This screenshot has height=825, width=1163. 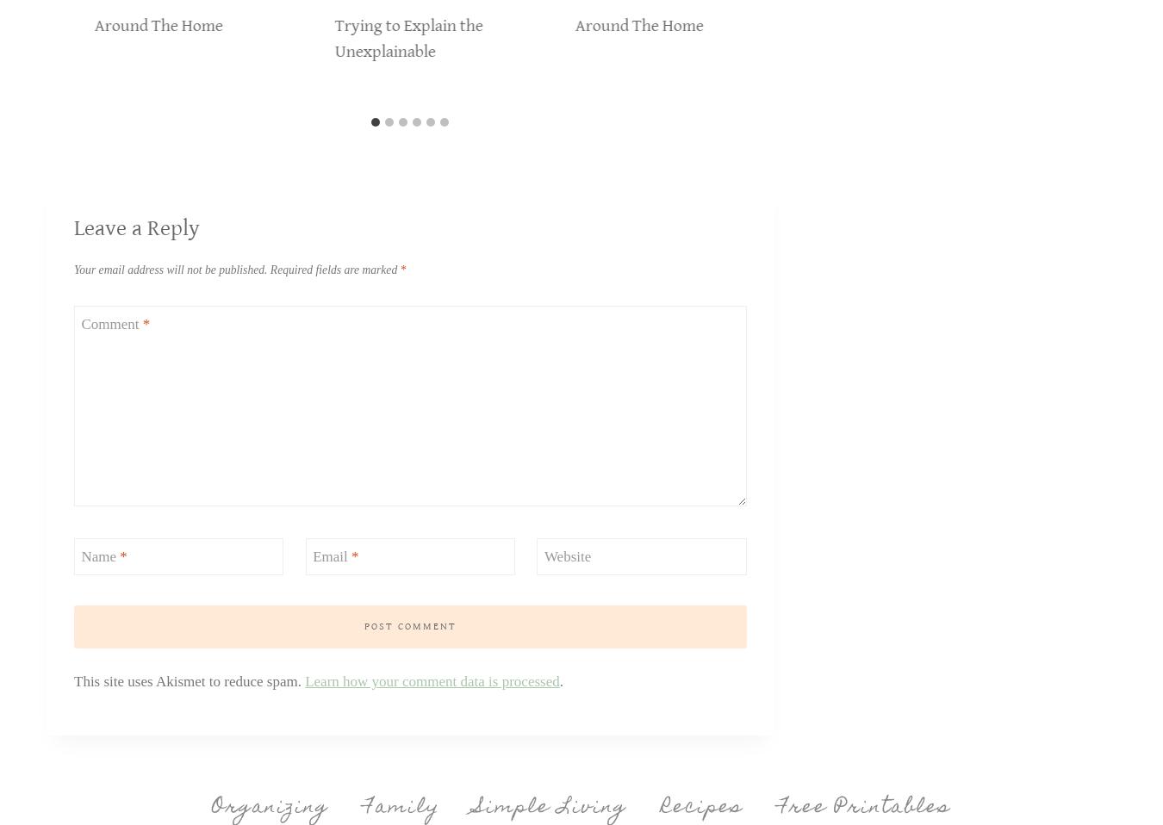 I want to click on 'Email', so click(x=332, y=555).